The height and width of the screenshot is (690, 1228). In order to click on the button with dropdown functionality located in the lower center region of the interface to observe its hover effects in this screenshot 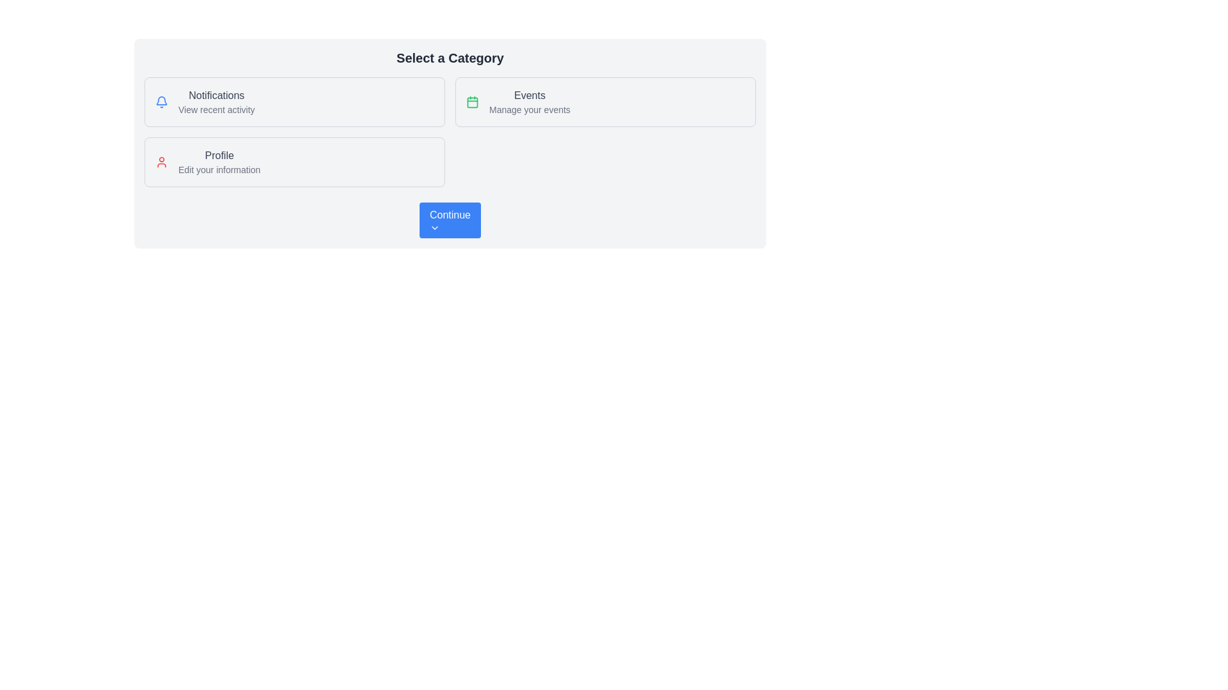, I will do `click(450, 219)`.